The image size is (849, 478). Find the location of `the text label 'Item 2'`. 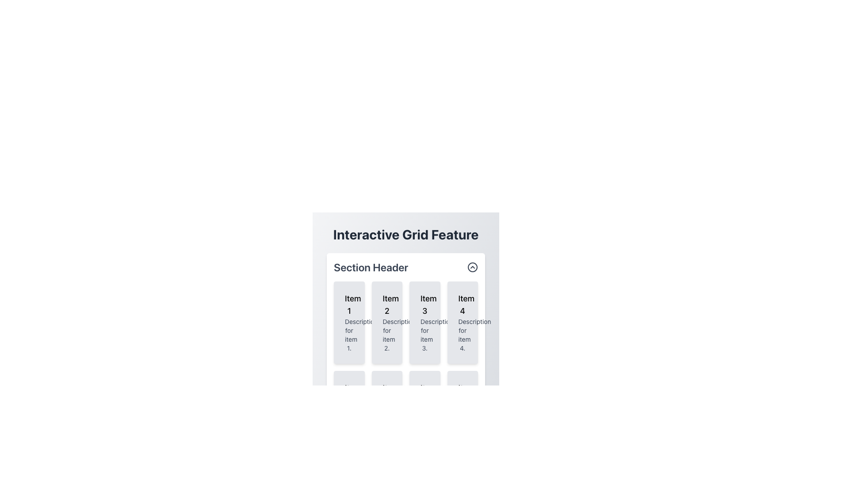

the text label 'Item 2' is located at coordinates (387, 305).